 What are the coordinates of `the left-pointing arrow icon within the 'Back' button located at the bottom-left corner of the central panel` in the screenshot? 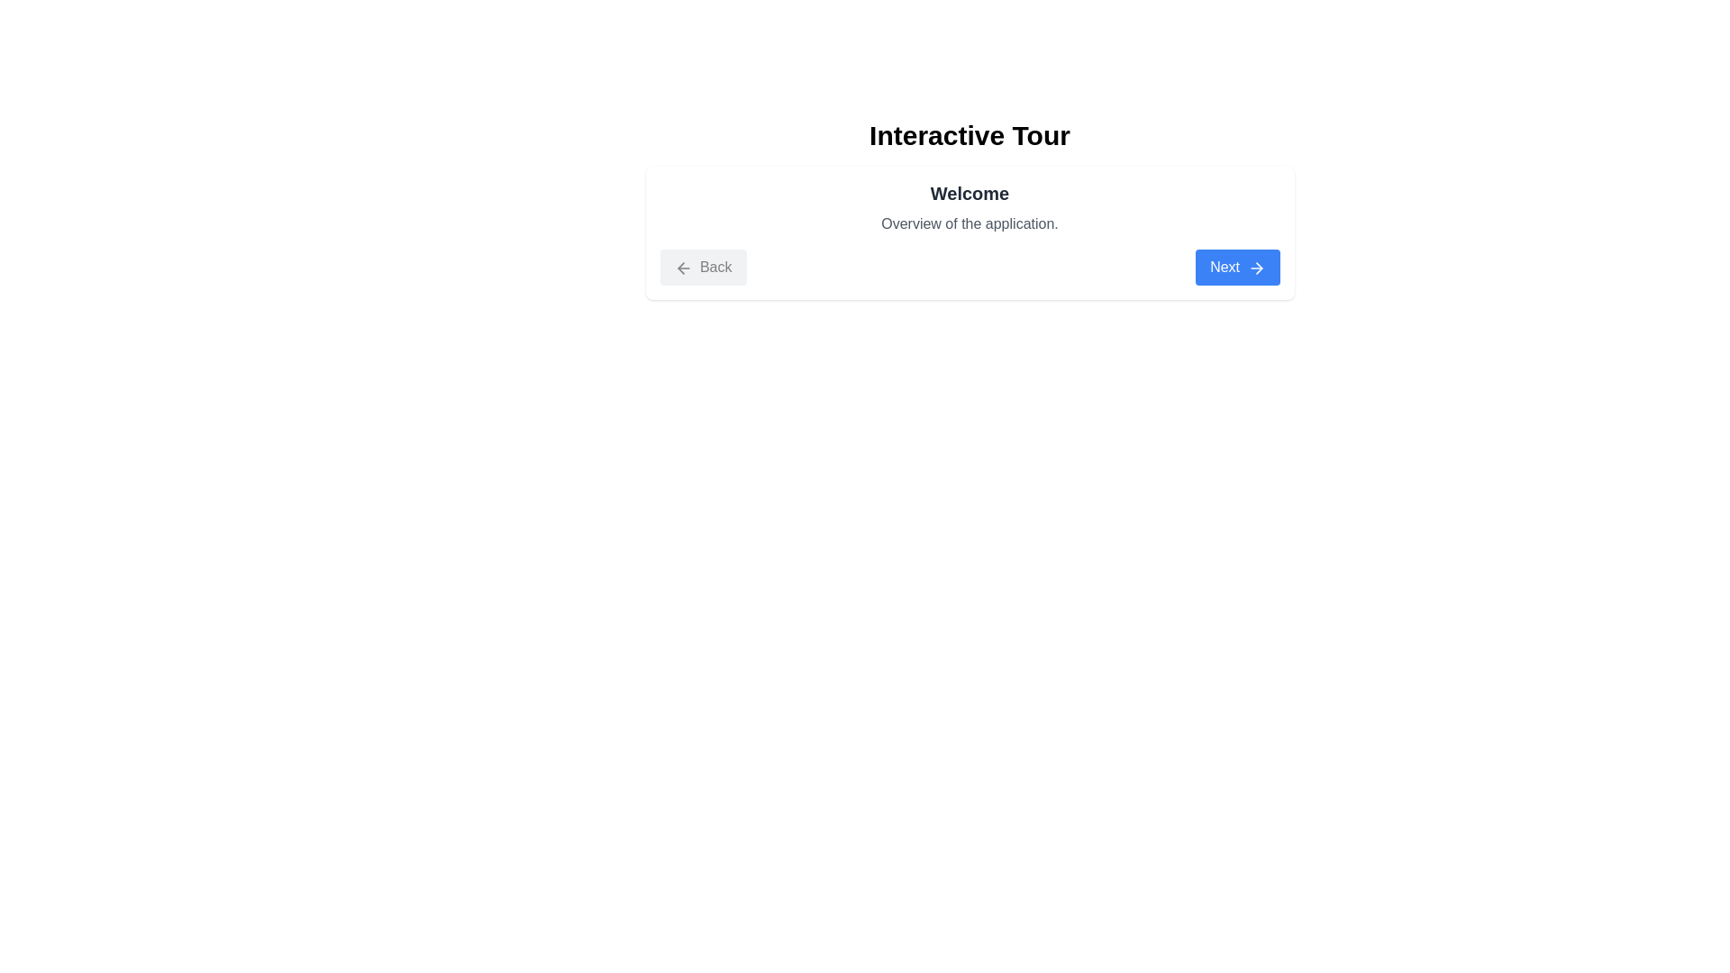 It's located at (682, 268).